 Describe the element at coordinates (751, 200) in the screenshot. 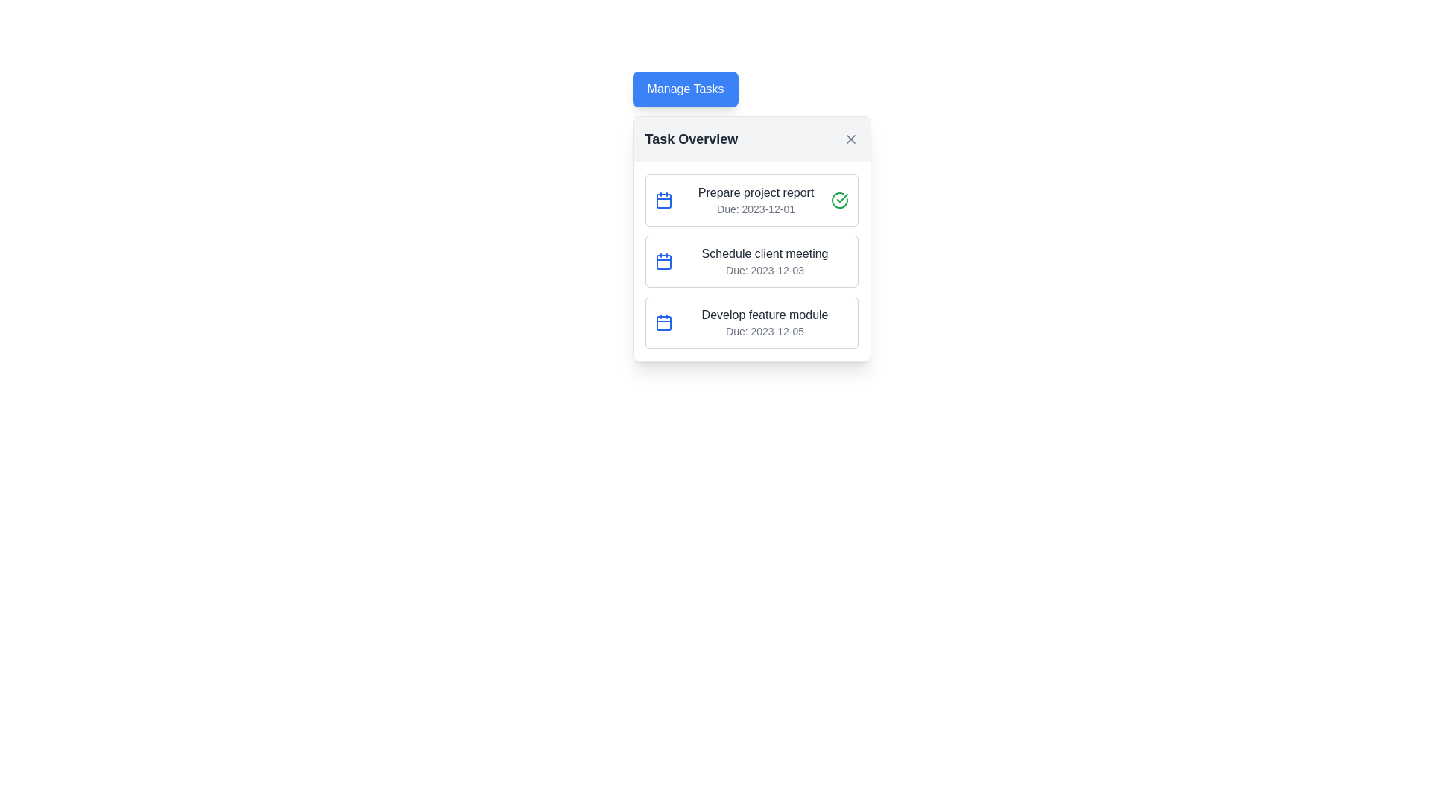

I see `the first task card in the 'Task Overview' section, which displays the task title and due date` at that location.